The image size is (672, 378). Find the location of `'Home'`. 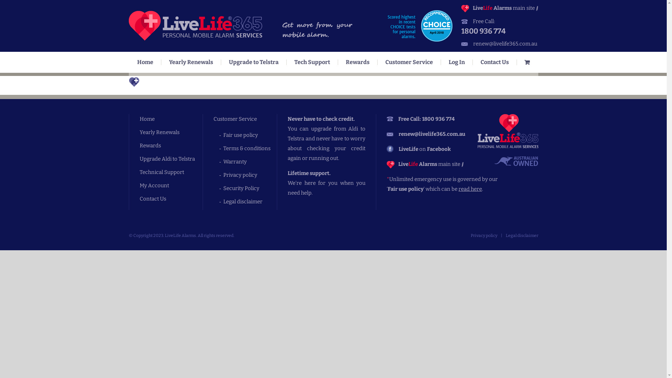

'Home' is located at coordinates (171, 118).